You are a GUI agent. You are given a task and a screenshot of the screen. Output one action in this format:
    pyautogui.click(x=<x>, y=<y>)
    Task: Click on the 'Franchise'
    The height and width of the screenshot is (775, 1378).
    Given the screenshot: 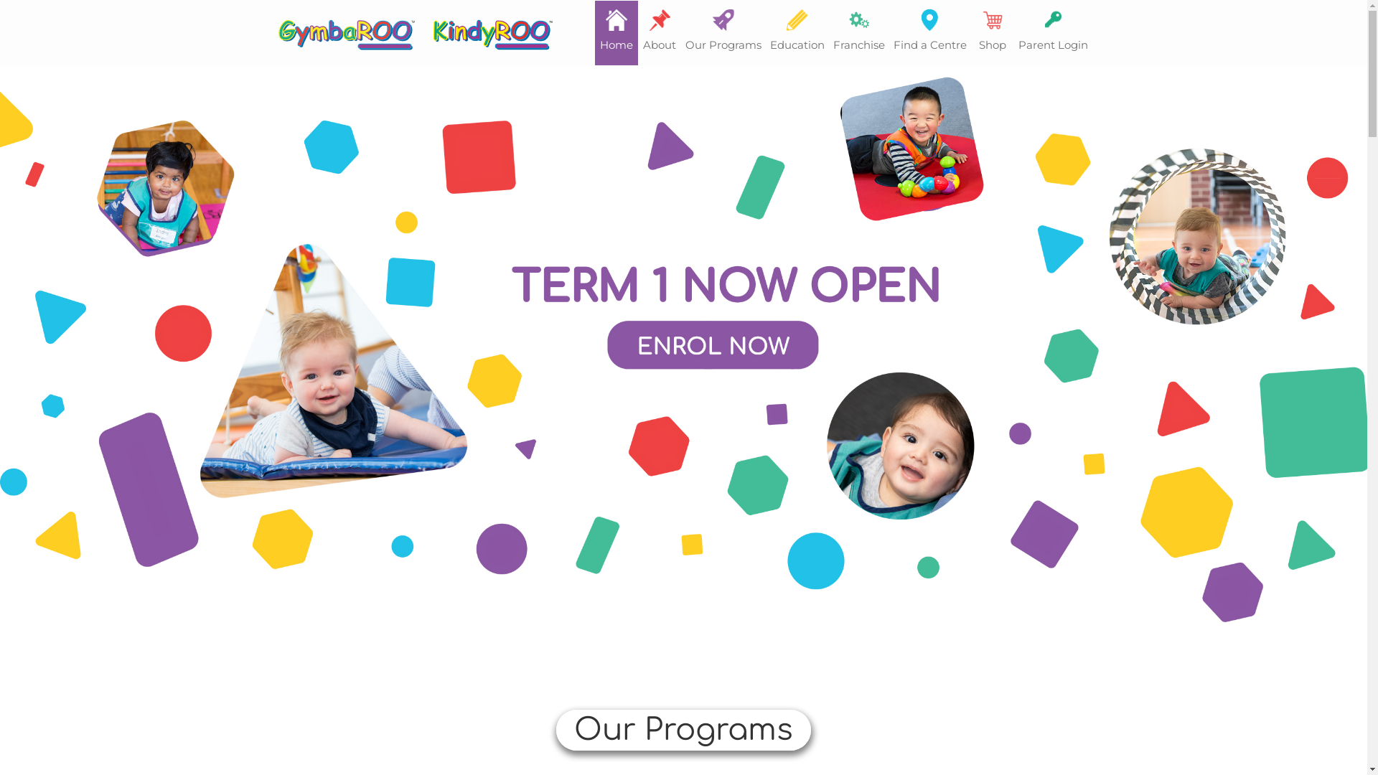 What is the action you would take?
    pyautogui.click(x=828, y=32)
    